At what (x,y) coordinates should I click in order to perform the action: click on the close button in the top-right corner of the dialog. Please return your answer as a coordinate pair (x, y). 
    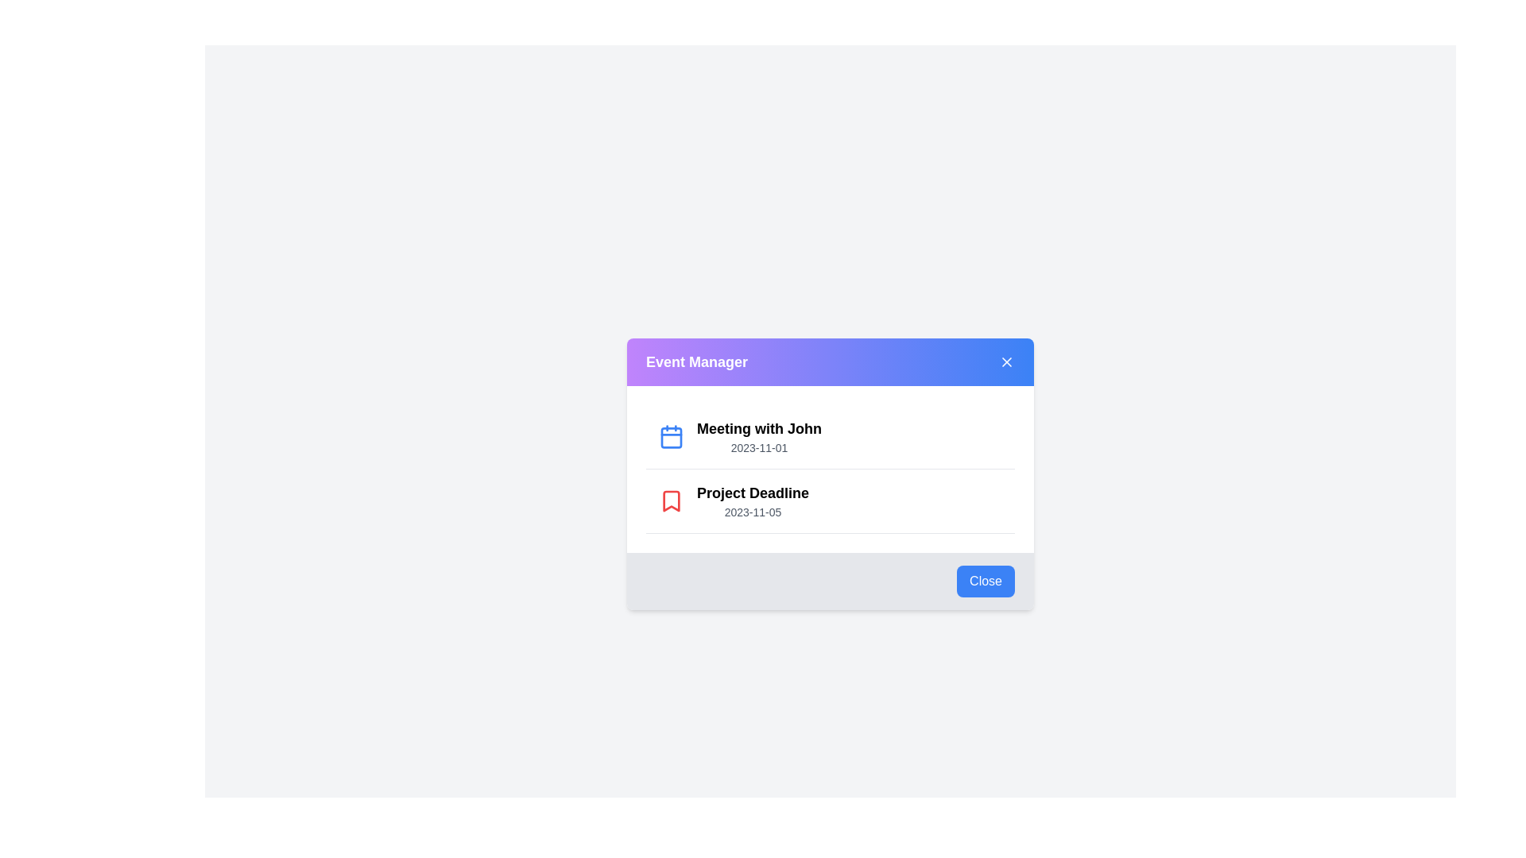
    Looking at the image, I should click on (1006, 361).